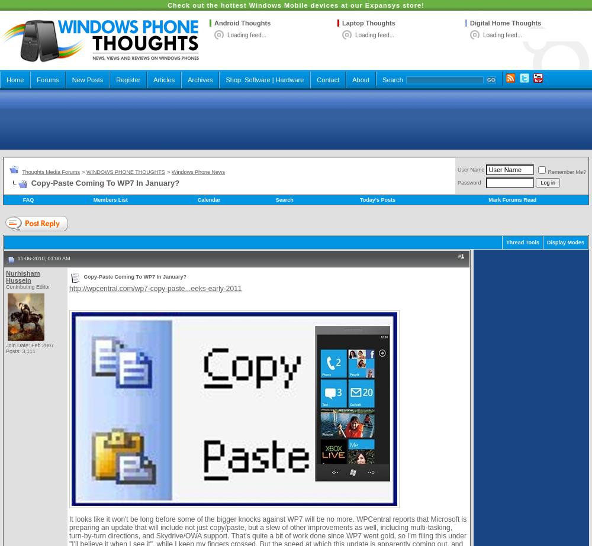  Describe the element at coordinates (28, 200) in the screenshot. I see `'FAQ'` at that location.